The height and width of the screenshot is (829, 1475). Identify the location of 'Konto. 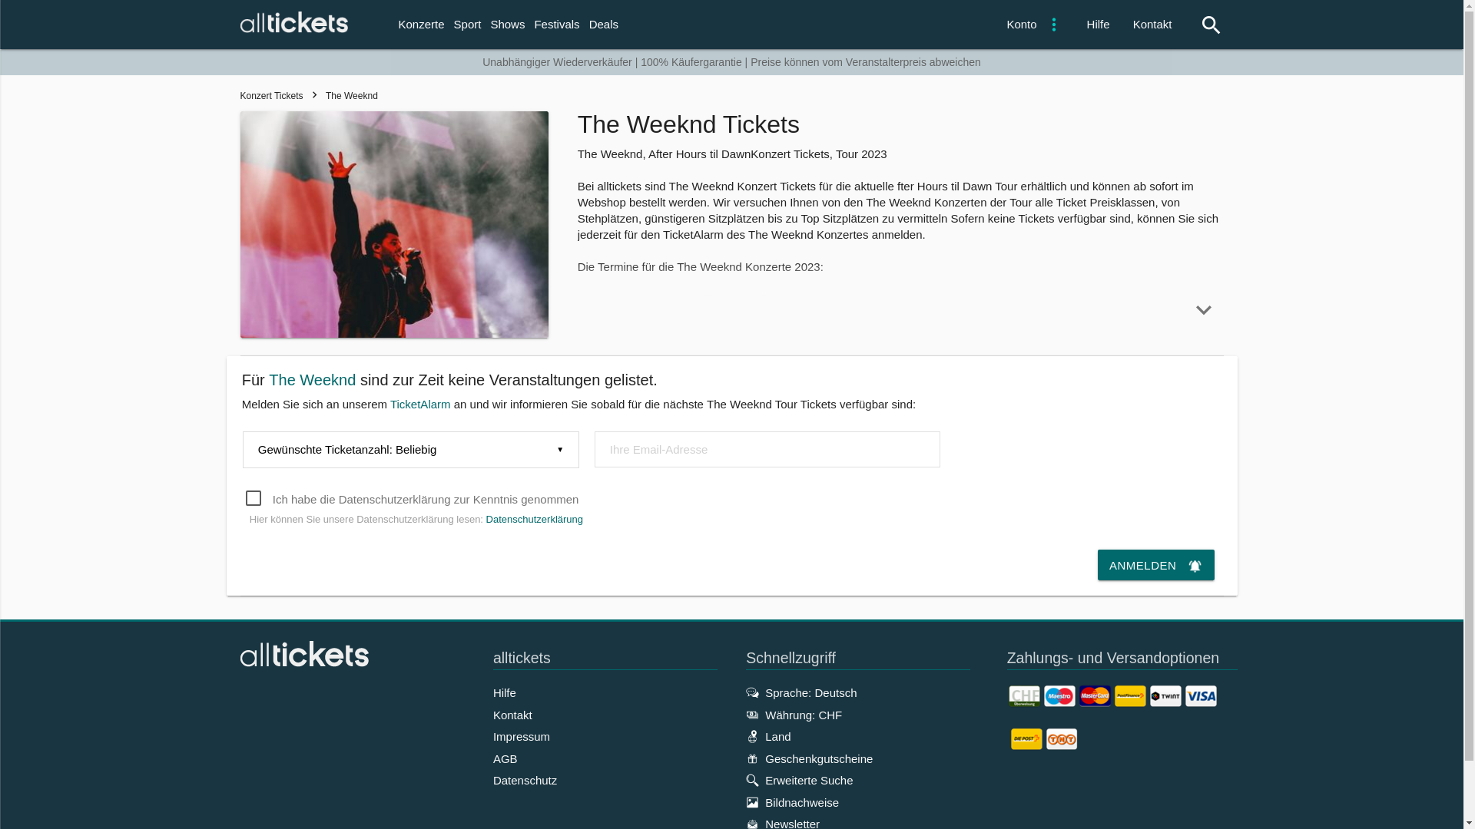
(1031, 24).